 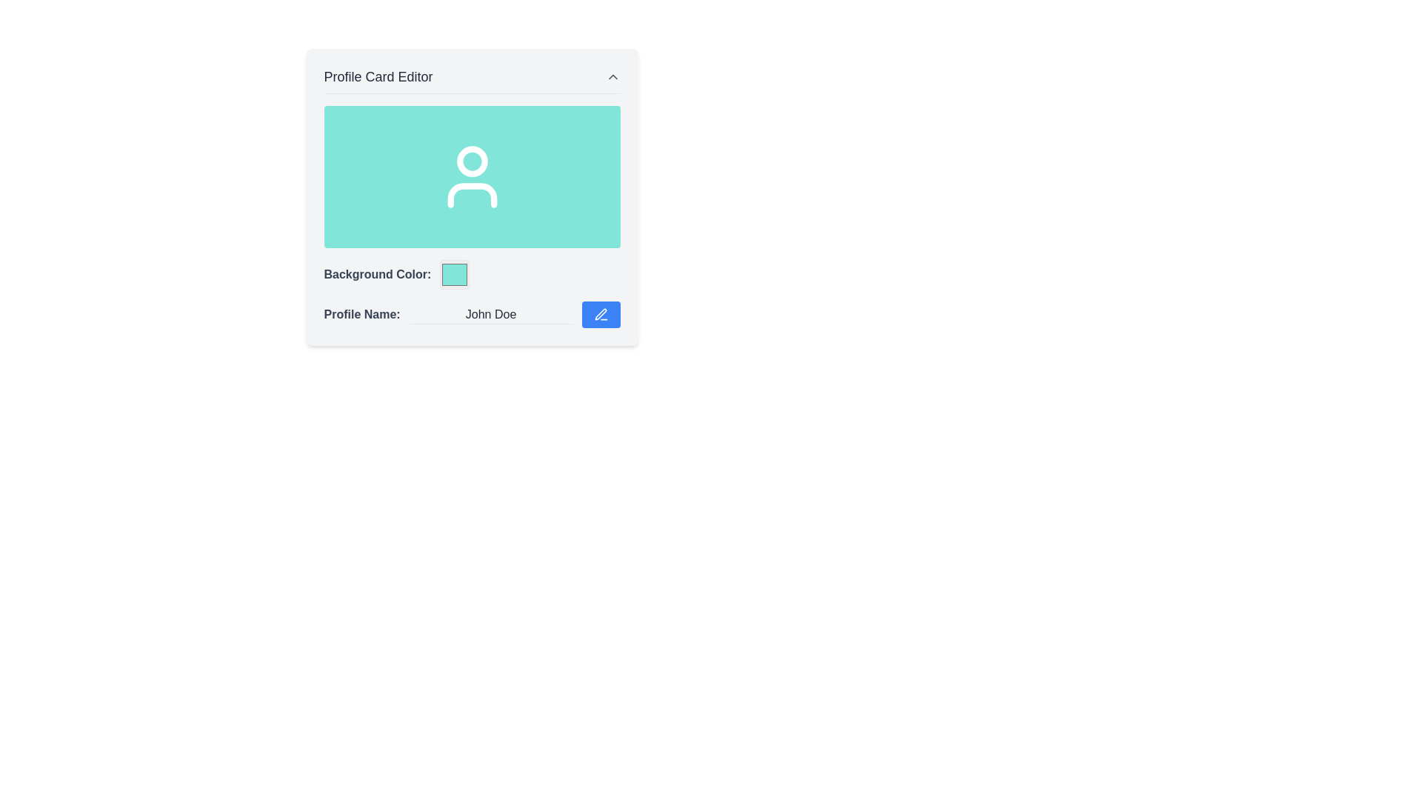 What do you see at coordinates (471, 194) in the screenshot?
I see `the graphical icon representing the user-avatar on the profile card interface, which is centrally positioned within the mint-green background area and located below the circular head element` at bounding box center [471, 194].